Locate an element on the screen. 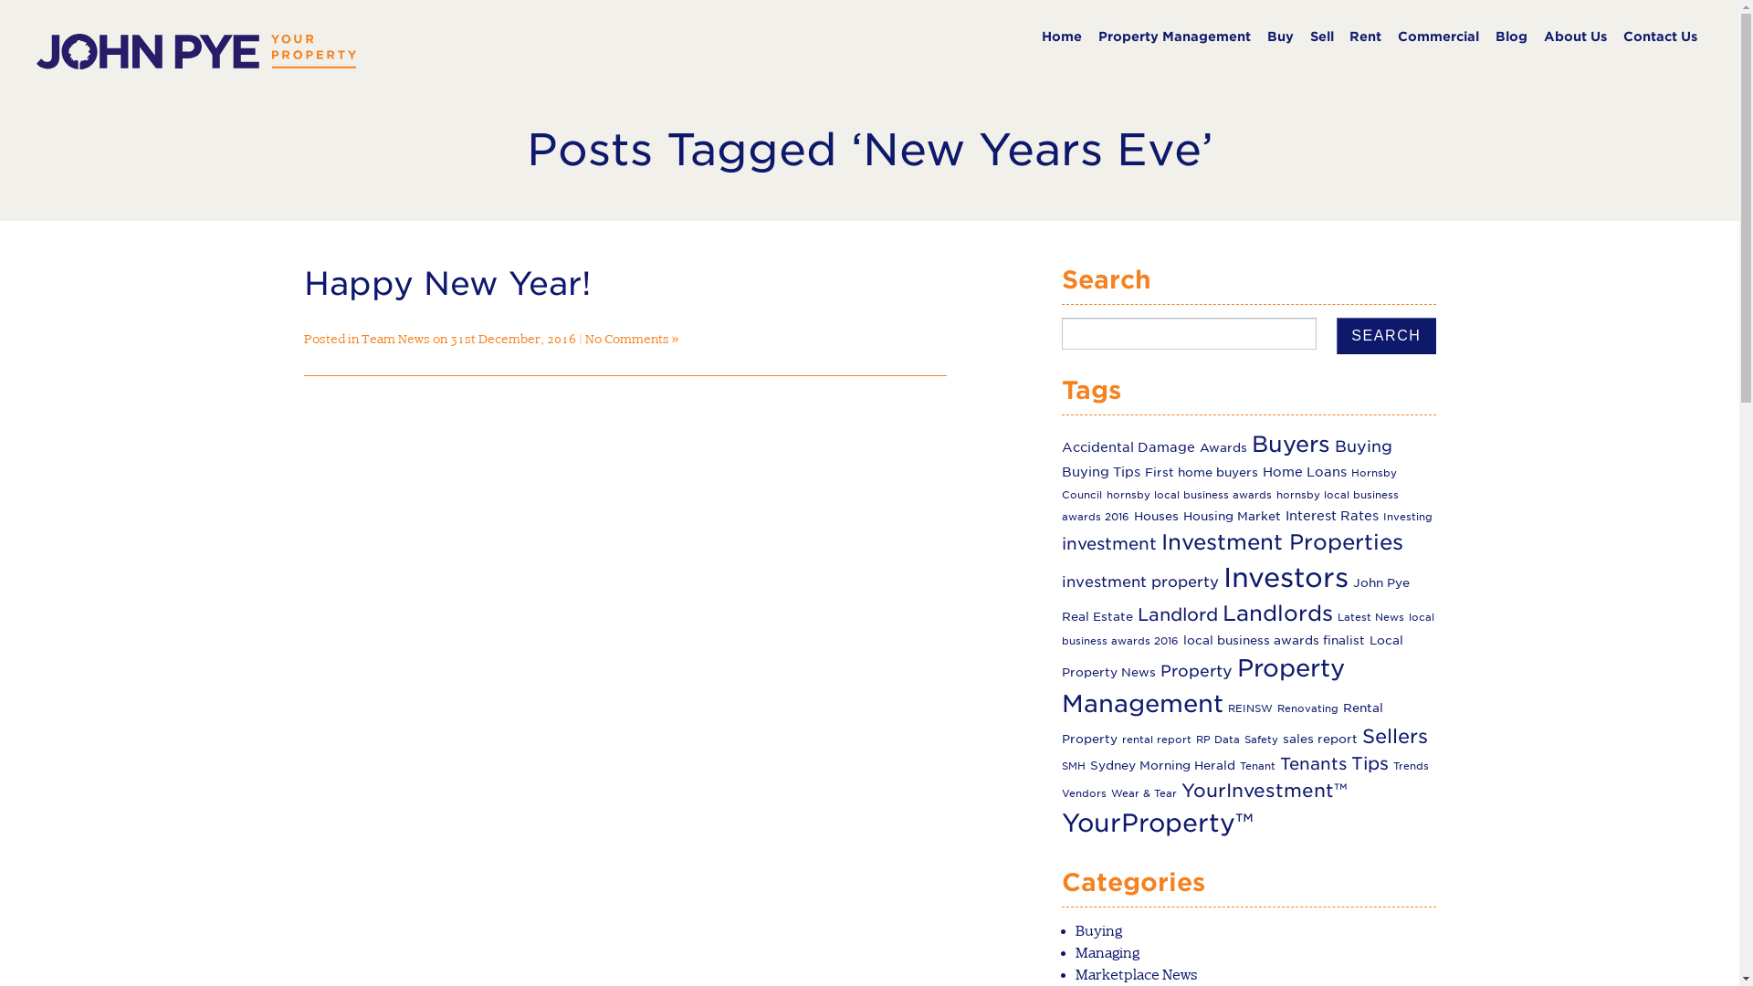  'Hornsby Council' is located at coordinates (1229, 483).